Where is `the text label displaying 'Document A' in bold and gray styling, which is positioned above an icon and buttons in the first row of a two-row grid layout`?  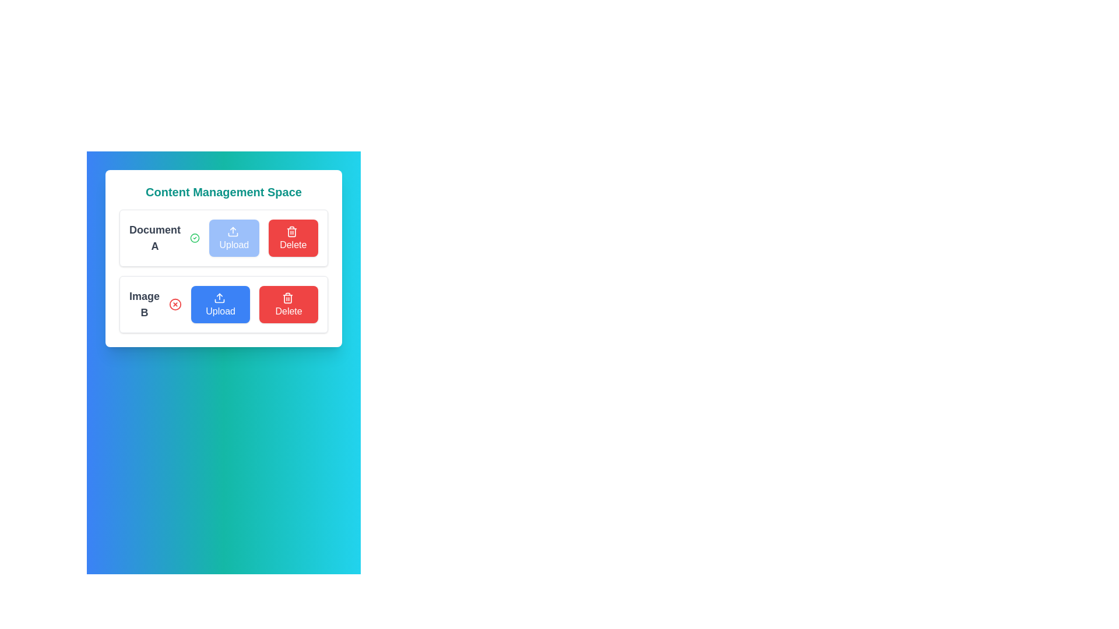
the text label displaying 'Document A' in bold and gray styling, which is positioned above an icon and buttons in the first row of a two-row grid layout is located at coordinates (154, 237).